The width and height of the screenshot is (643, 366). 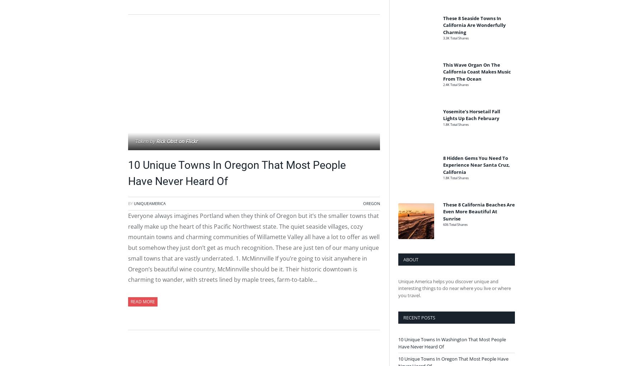 What do you see at coordinates (146, 141) in the screenshot?
I see `'Taken by'` at bounding box center [146, 141].